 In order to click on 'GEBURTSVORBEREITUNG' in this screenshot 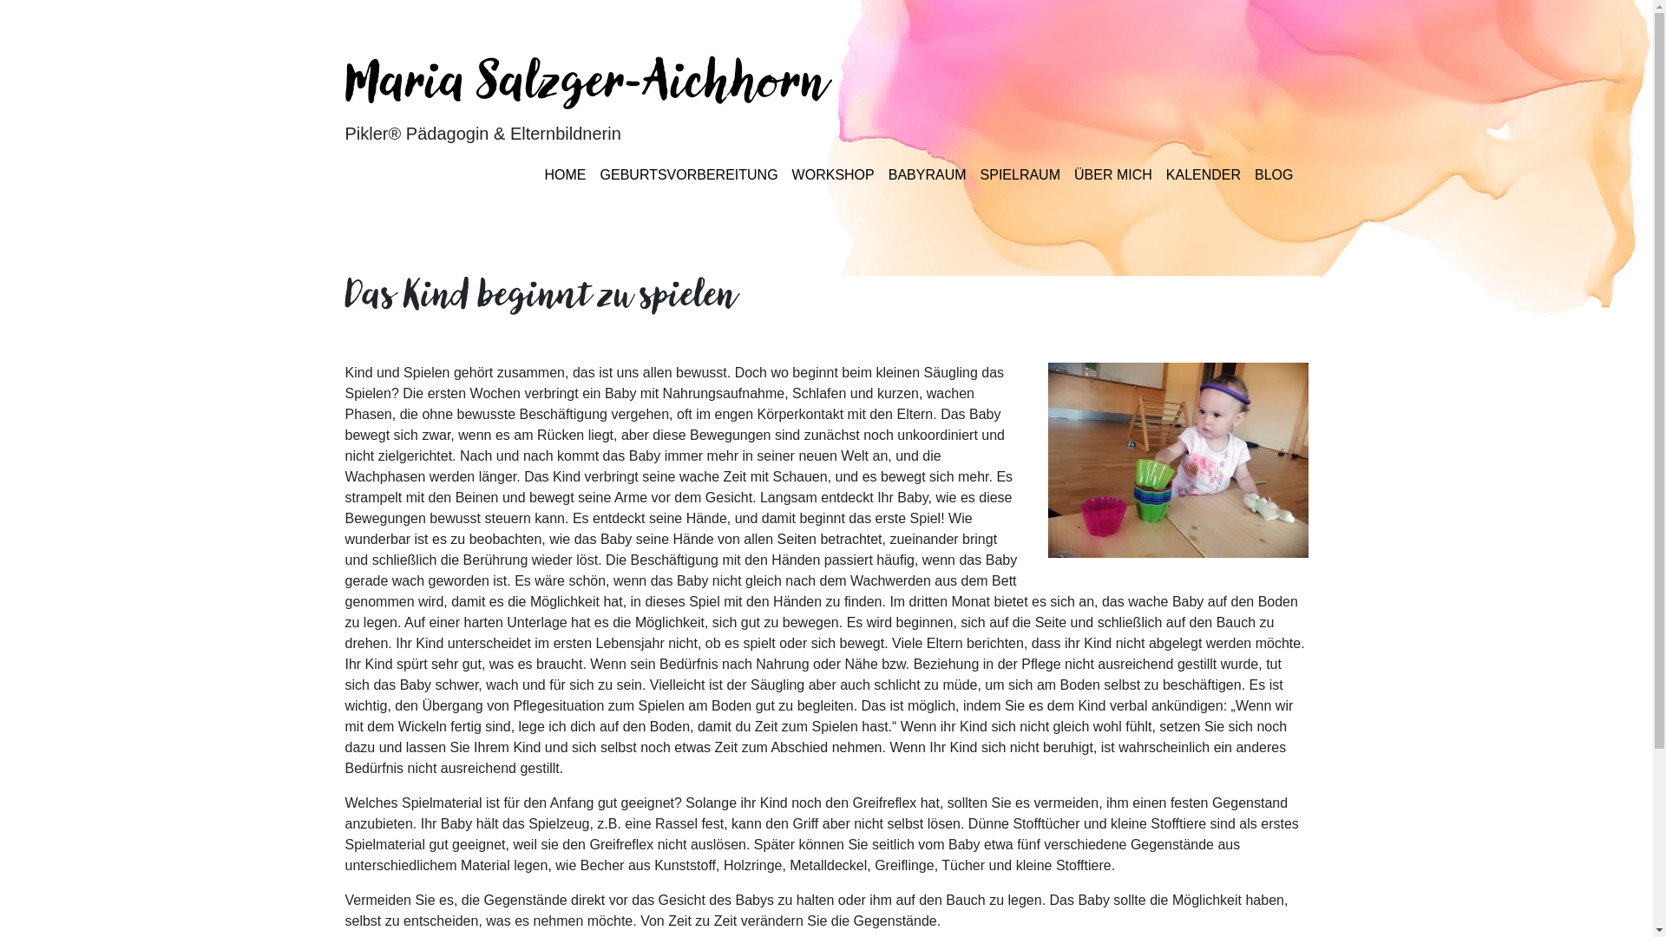, I will do `click(688, 174)`.